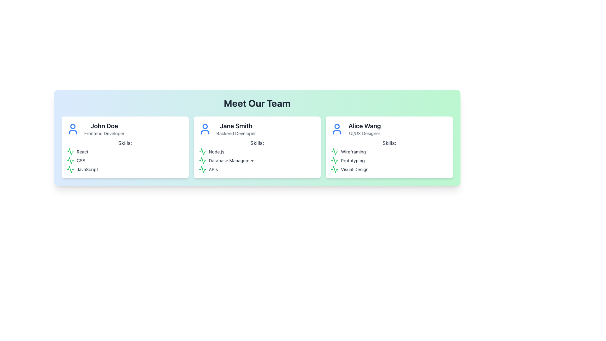 This screenshot has height=341, width=606. Describe the element at coordinates (337, 126) in the screenshot. I see `the circular graphical component representing the user's profile icon located at the top of the user profile card` at that location.